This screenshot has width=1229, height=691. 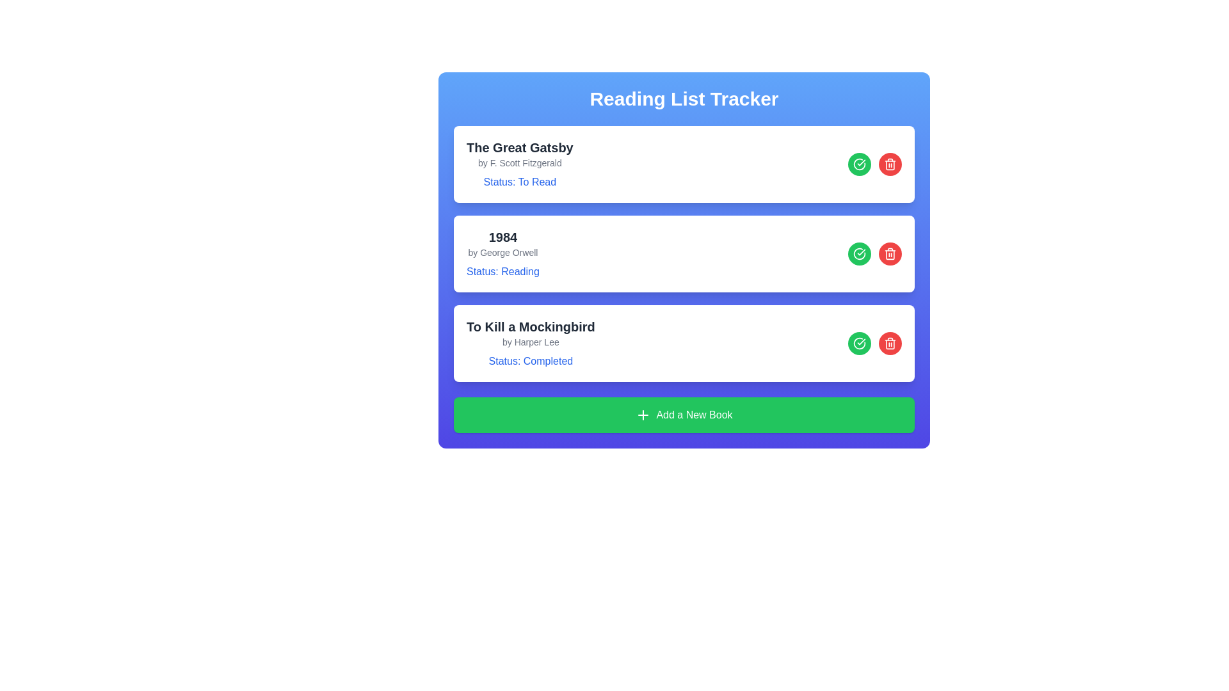 I want to click on the red circular trash icon button located at the far right of the third book entry labeled 'To Kill a Mockingbird', so click(x=890, y=254).